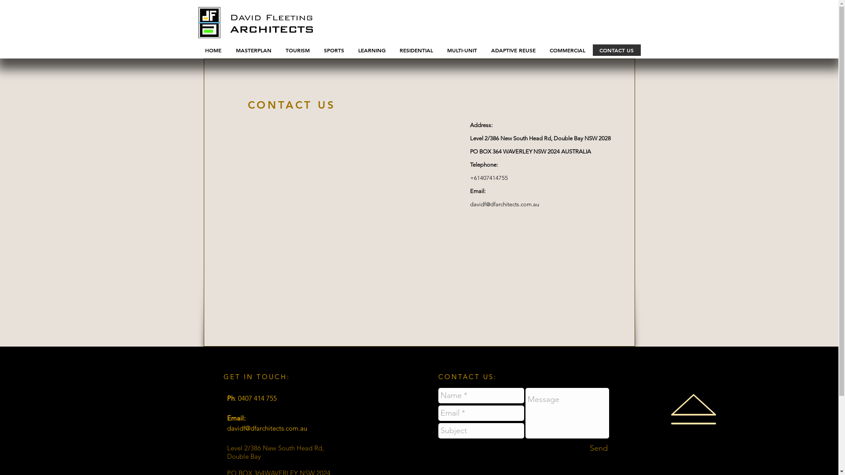 This screenshot has height=475, width=845. Describe the element at coordinates (567, 50) in the screenshot. I see `'COMMERCIAL'` at that location.